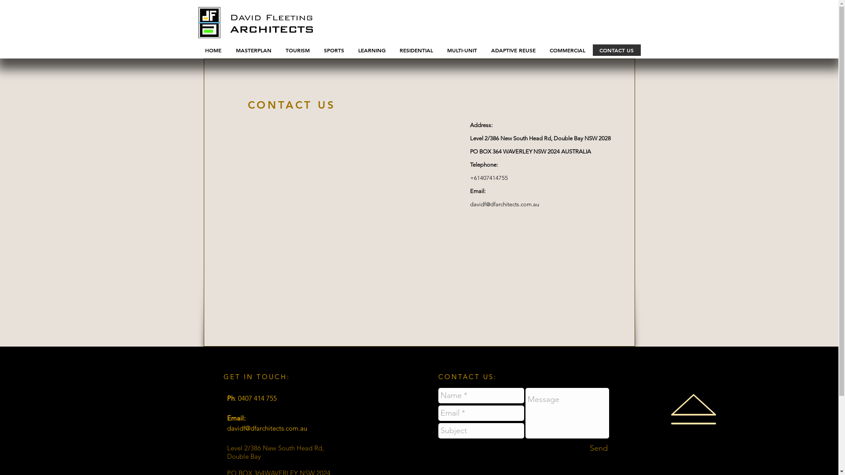 This screenshot has height=475, width=845. Describe the element at coordinates (567, 50) in the screenshot. I see `'COMMERCIAL'` at that location.